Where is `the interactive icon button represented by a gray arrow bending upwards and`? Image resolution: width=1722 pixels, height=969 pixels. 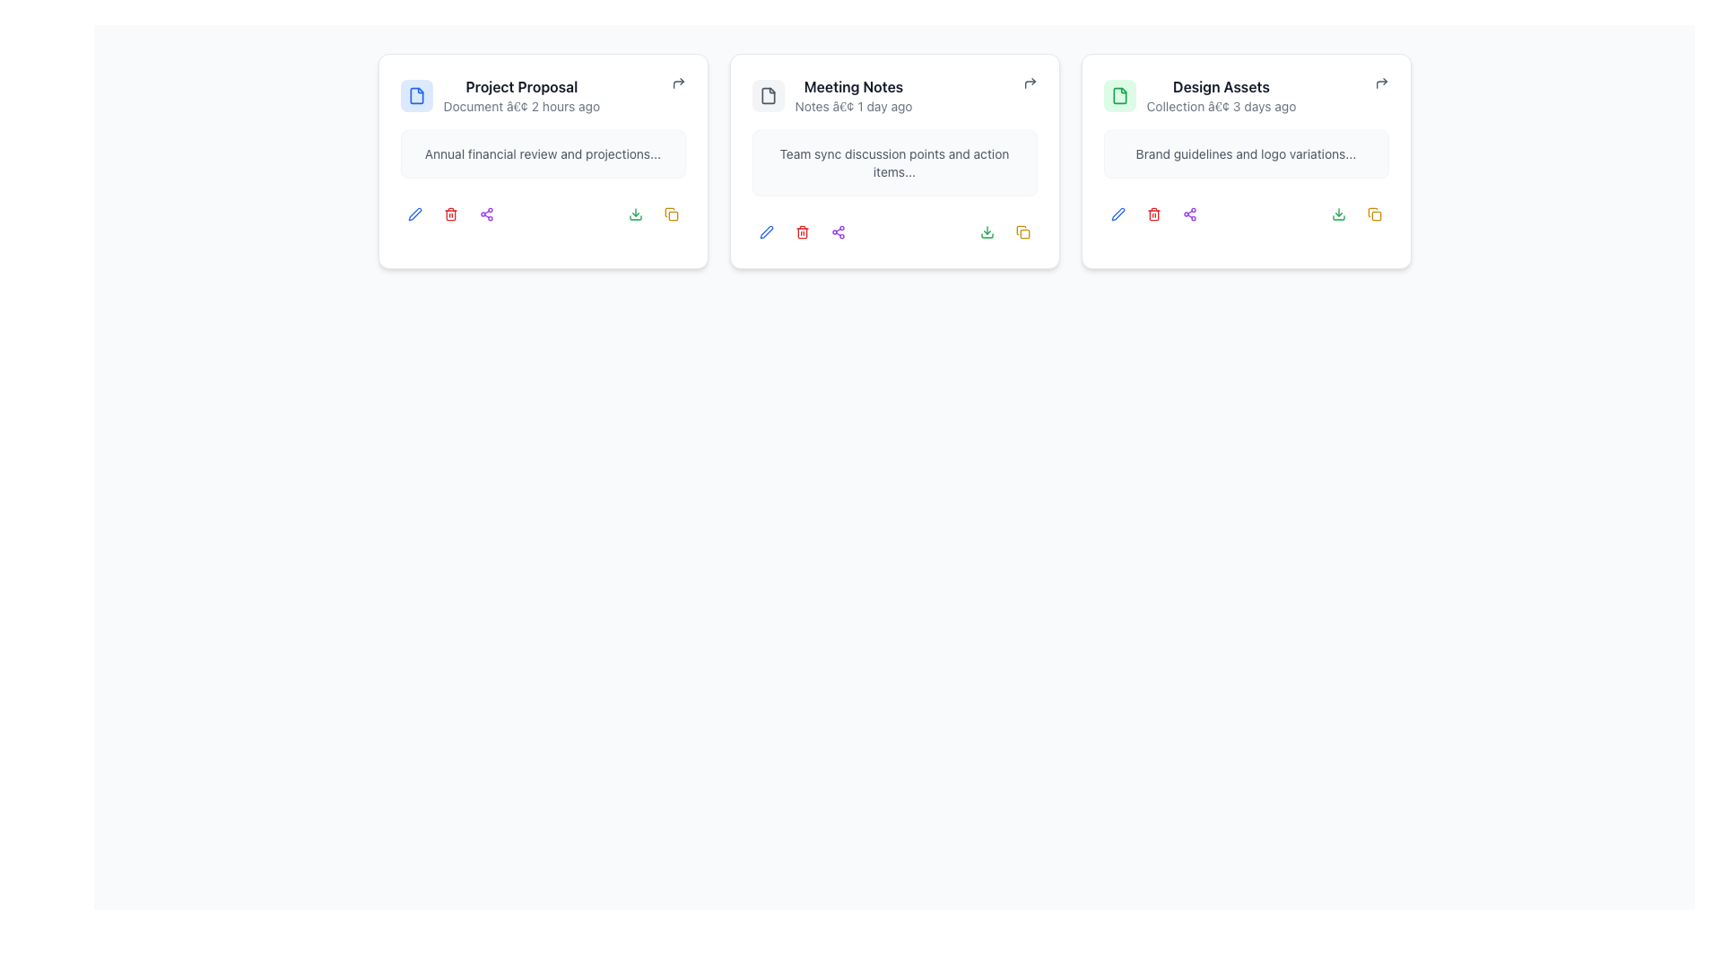 the interactive icon button represented by a gray arrow bending upwards and is located at coordinates (677, 83).